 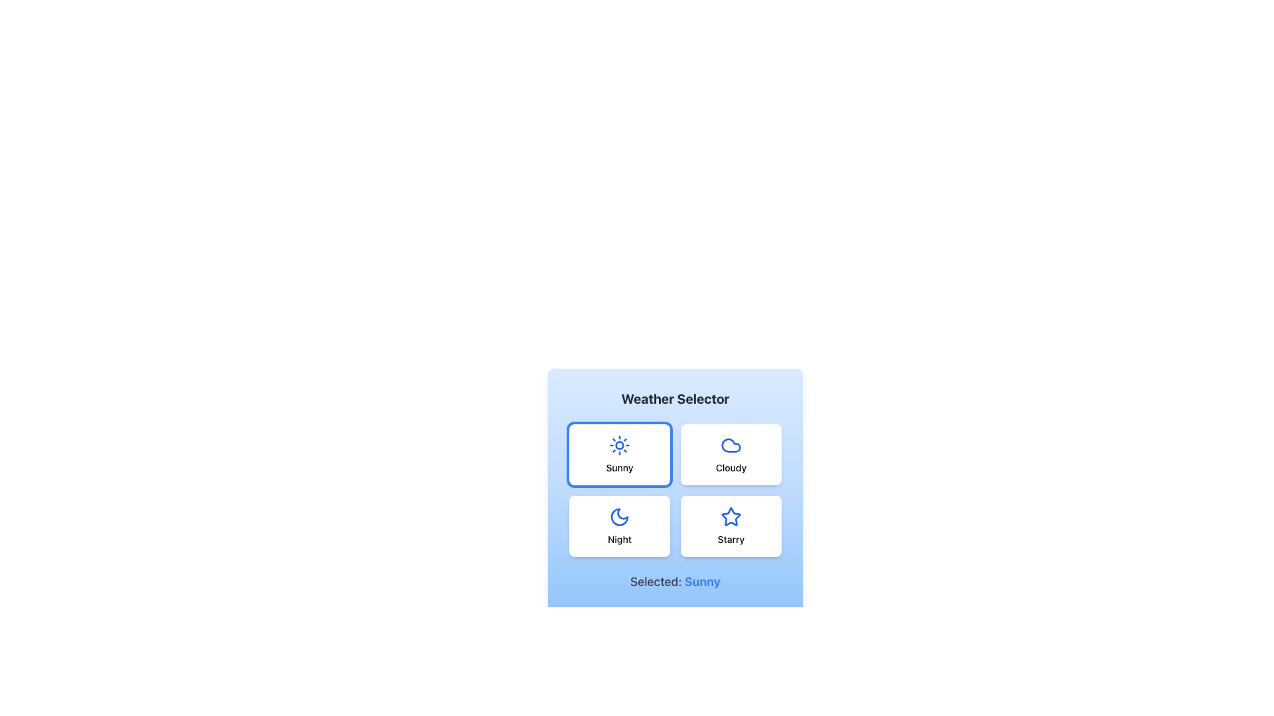 What do you see at coordinates (701, 581) in the screenshot?
I see `the blue-colored bold text displaying 'Sunny', which is part of the sentence 'Selected: Sunny', located at the bottom of a weather selection panel` at bounding box center [701, 581].